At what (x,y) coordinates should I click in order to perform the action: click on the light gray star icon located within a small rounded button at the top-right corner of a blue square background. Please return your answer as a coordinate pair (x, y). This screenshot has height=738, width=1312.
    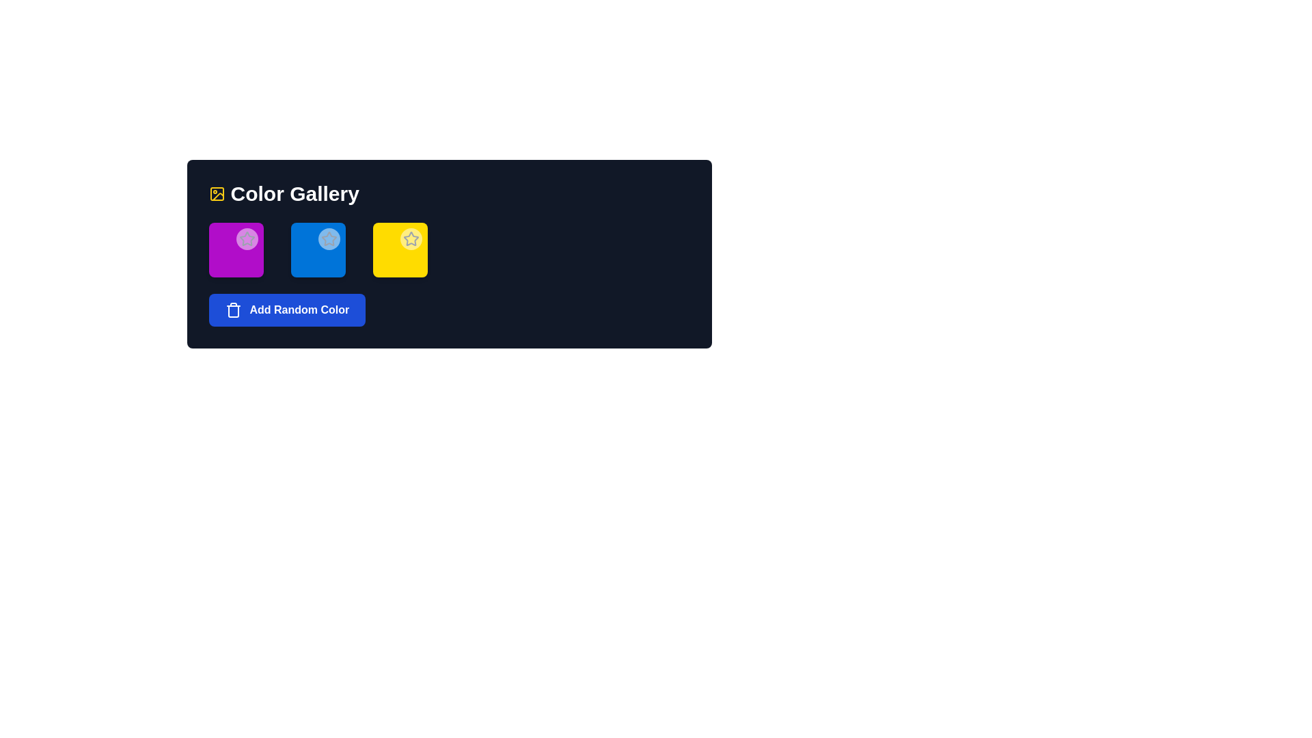
    Looking at the image, I should click on (329, 238).